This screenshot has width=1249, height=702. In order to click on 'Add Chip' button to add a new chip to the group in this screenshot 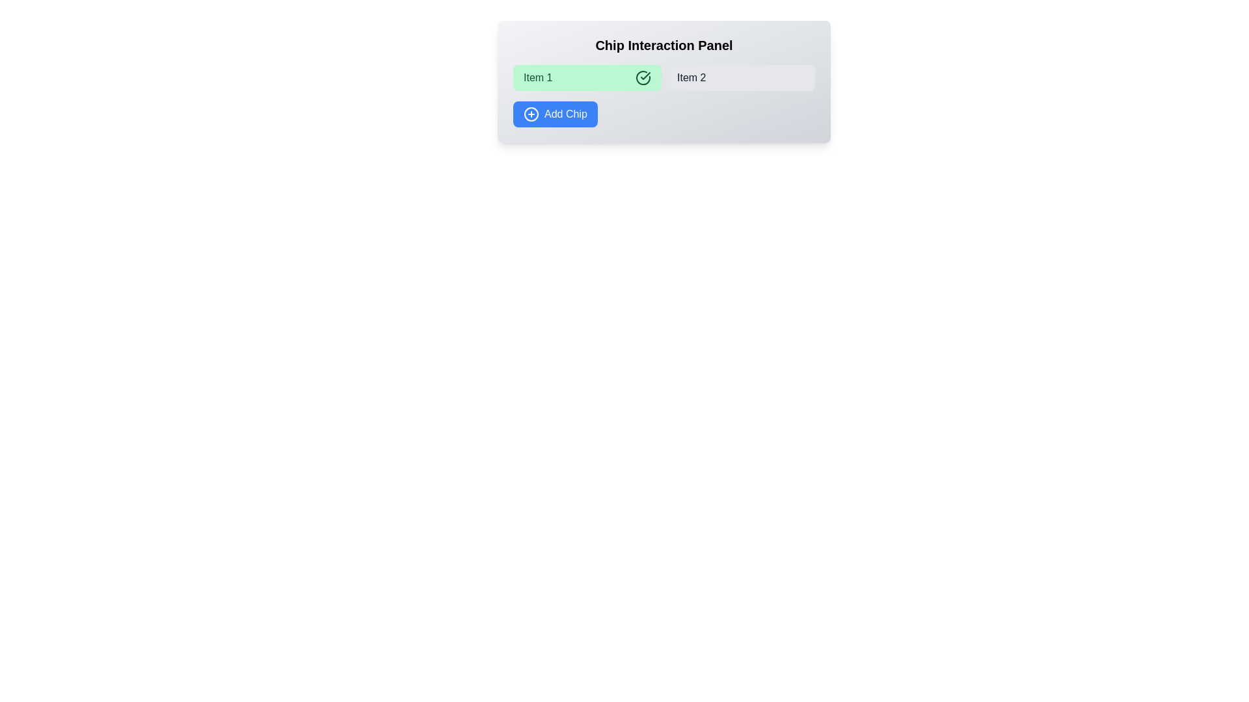, I will do `click(555, 114)`.